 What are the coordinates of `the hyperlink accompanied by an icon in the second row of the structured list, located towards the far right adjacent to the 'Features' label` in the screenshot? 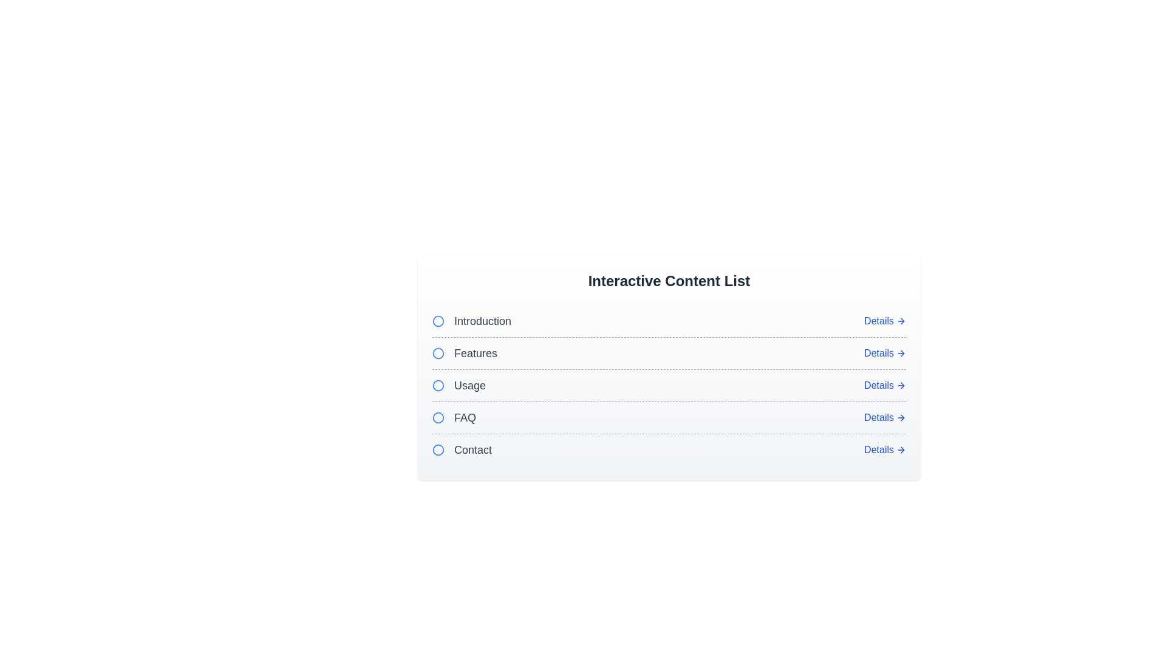 It's located at (885, 354).